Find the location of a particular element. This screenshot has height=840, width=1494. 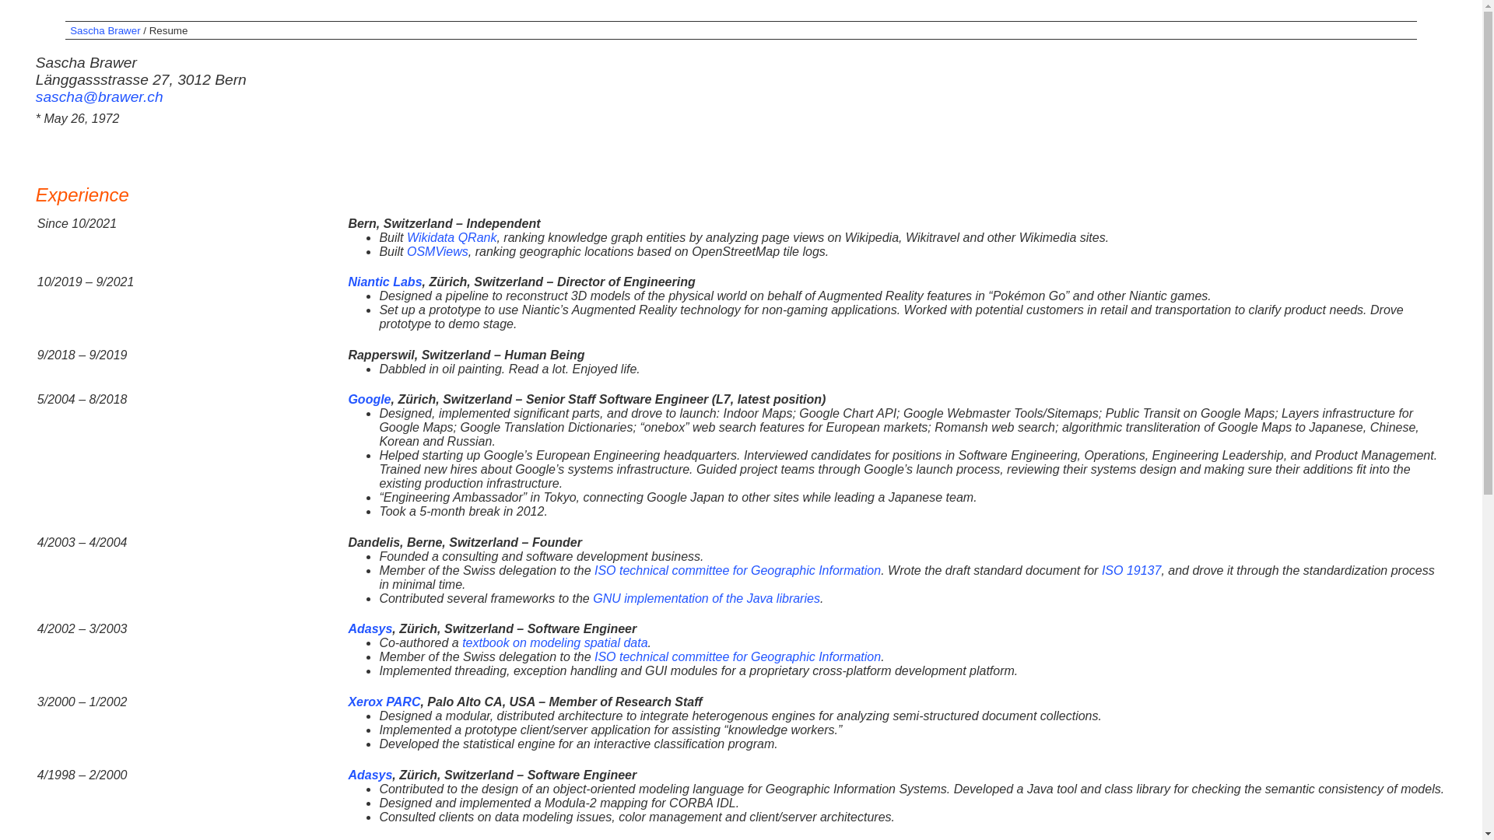

'ISO technical committee for Geographic Information' is located at coordinates (737, 570).